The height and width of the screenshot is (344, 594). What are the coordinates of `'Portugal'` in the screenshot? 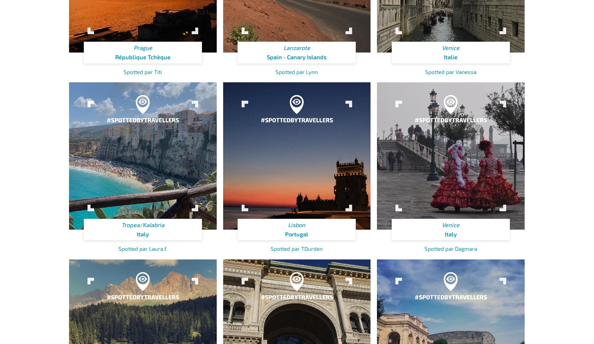 It's located at (285, 233).